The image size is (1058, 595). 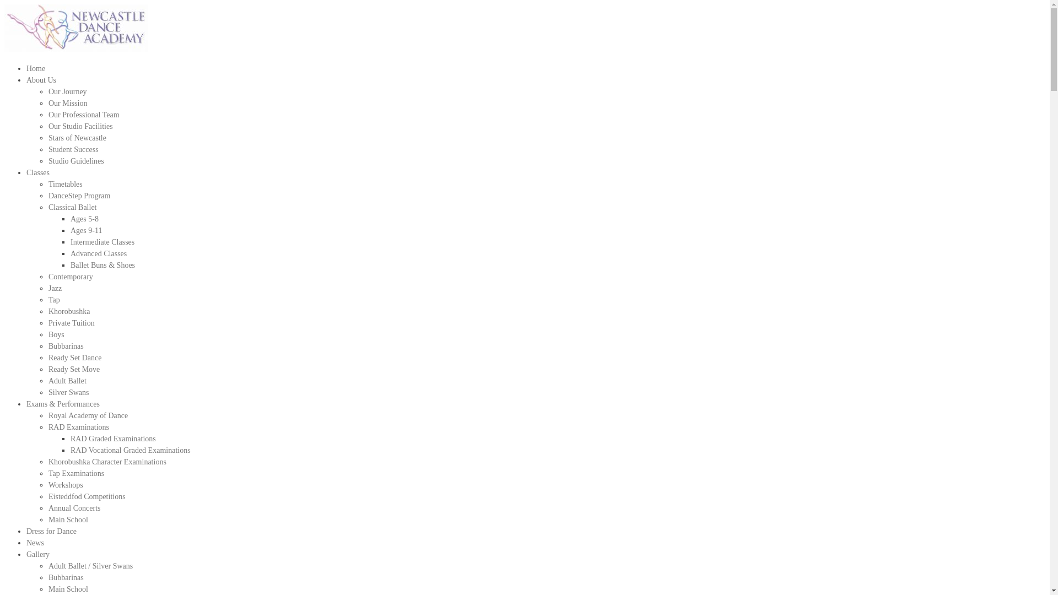 I want to click on 'Silver Swans', so click(x=68, y=392).